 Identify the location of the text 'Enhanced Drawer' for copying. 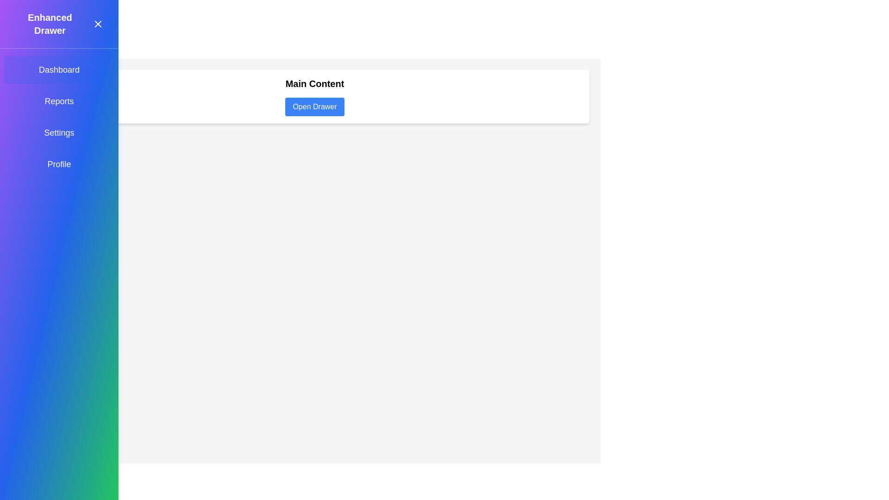
(50, 23).